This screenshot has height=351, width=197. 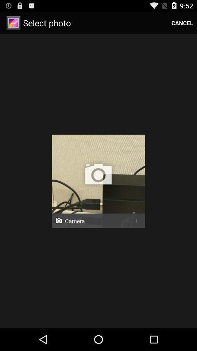 What do you see at coordinates (182, 23) in the screenshot?
I see `the icon next to the select photo icon` at bounding box center [182, 23].